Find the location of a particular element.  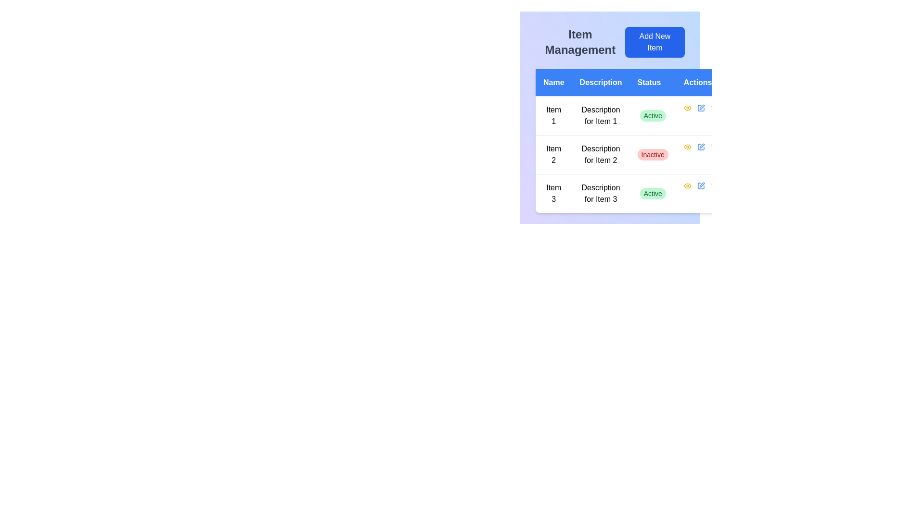

the Text Badge indicating the status of 'Item 2' as 'Inactive', located in the second row, third column of the table under the 'Status' heading is located at coordinates (653, 154).